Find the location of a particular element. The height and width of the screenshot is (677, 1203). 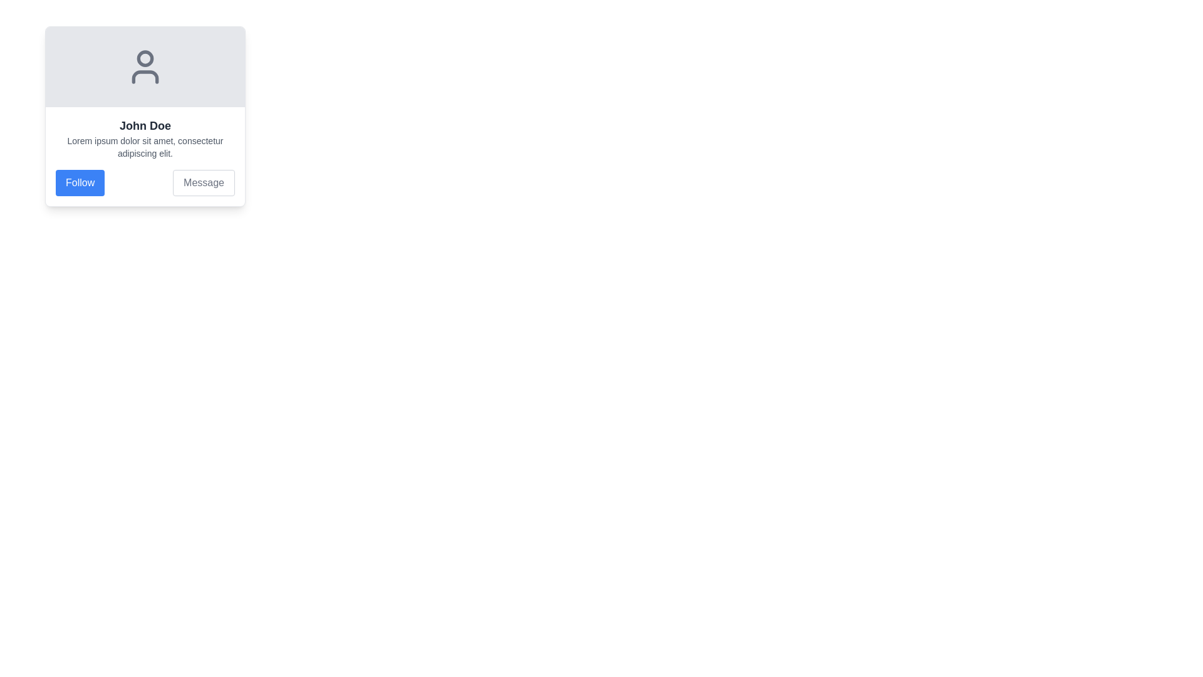

the text block element that contains the content 'Lorem ipsum dolor sit amet, consectetur adipiscing elit.', which is styled in gray and positioned below 'John Doe' in the card layout is located at coordinates (145, 147).